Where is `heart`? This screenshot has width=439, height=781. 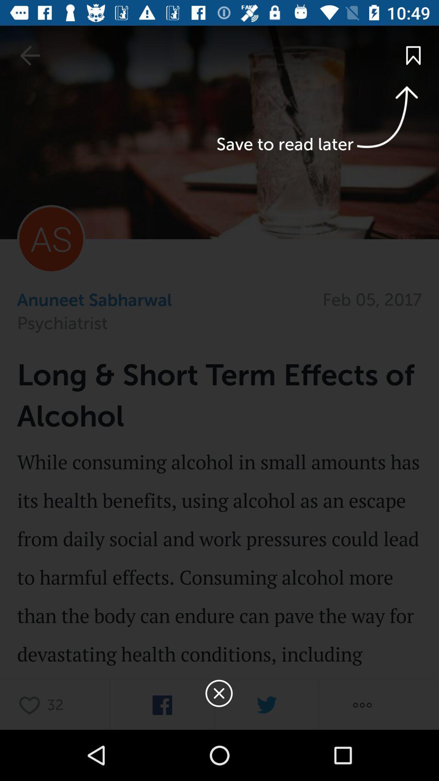 heart is located at coordinates (31, 705).